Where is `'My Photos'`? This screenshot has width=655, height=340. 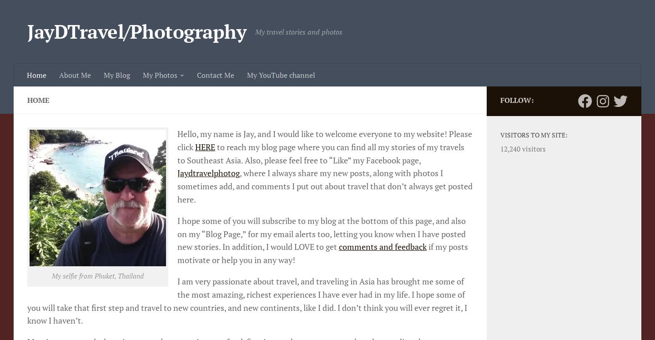 'My Photos' is located at coordinates (160, 75).